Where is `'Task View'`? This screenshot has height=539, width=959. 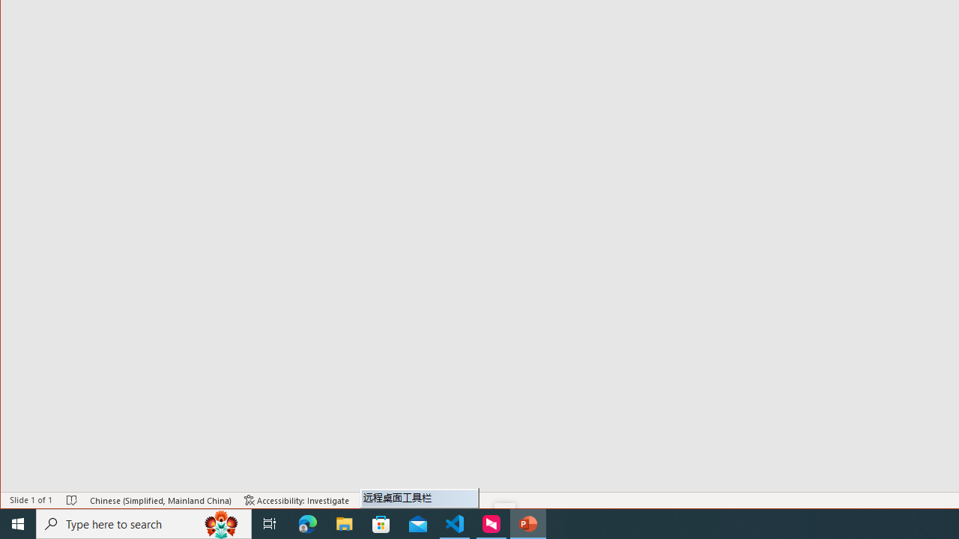
'Task View' is located at coordinates (269, 523).